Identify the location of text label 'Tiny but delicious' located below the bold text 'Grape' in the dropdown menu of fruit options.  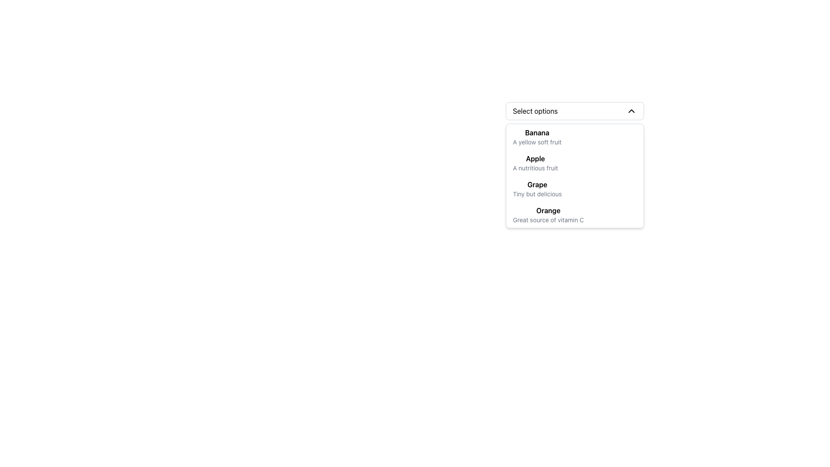
(537, 193).